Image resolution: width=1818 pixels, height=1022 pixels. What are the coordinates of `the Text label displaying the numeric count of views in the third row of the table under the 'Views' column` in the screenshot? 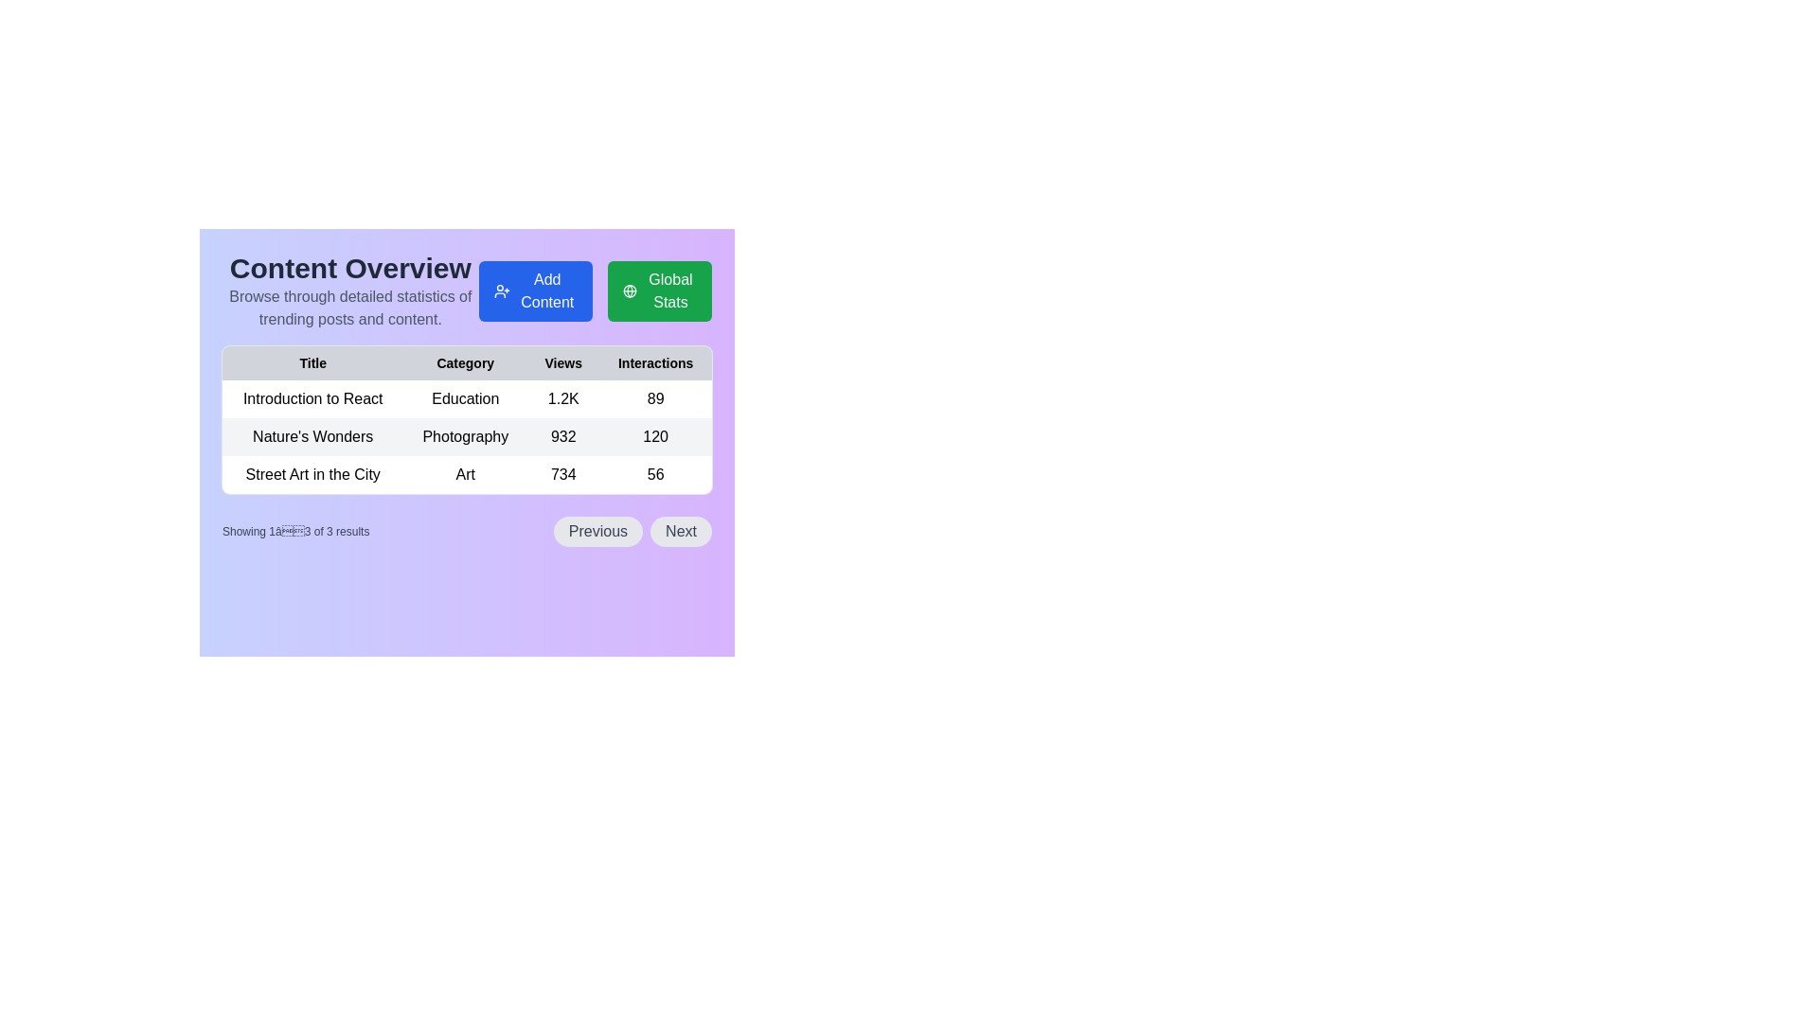 It's located at (562, 473).